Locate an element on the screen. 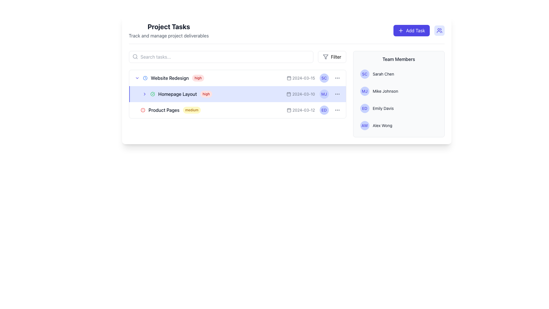 Image resolution: width=549 pixels, height=309 pixels. the text and icon grouping displaying the due date and assignee initials for the task 'Website Redesign' is located at coordinates (314, 78).